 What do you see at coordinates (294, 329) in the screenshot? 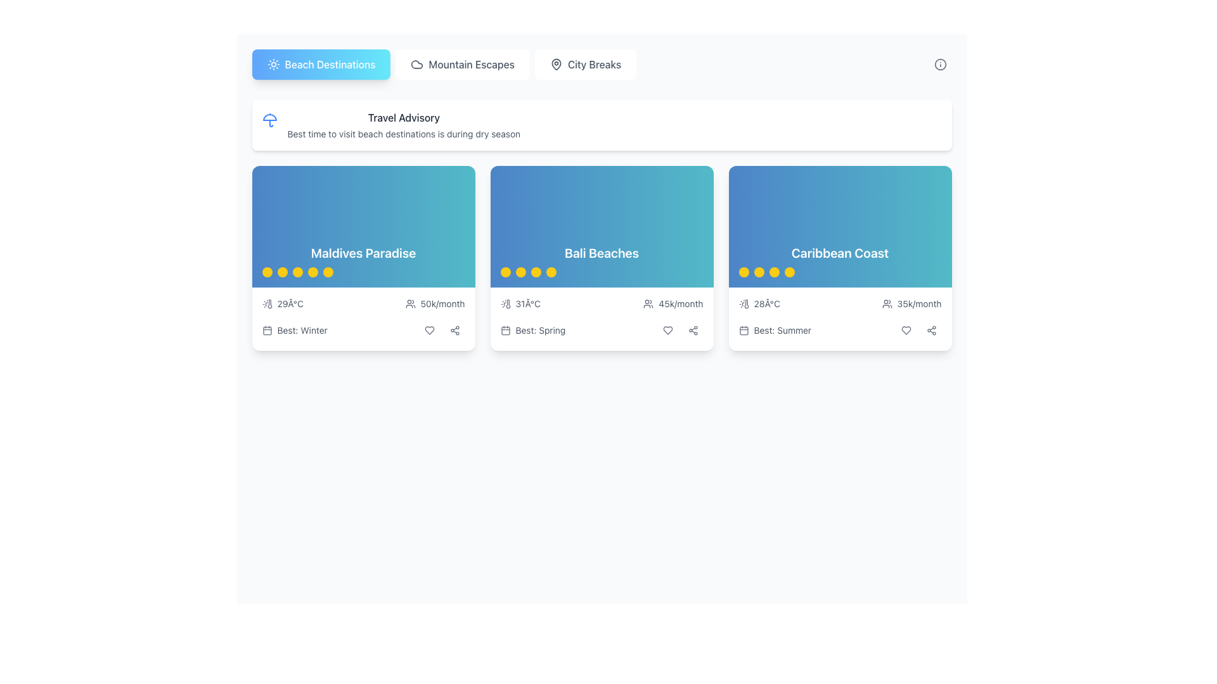
I see `the text with icon pair that describes the best season to visit the Maldives, located below the 'Maldives Paradise' section on the leftmost card in the grid of options` at bounding box center [294, 329].